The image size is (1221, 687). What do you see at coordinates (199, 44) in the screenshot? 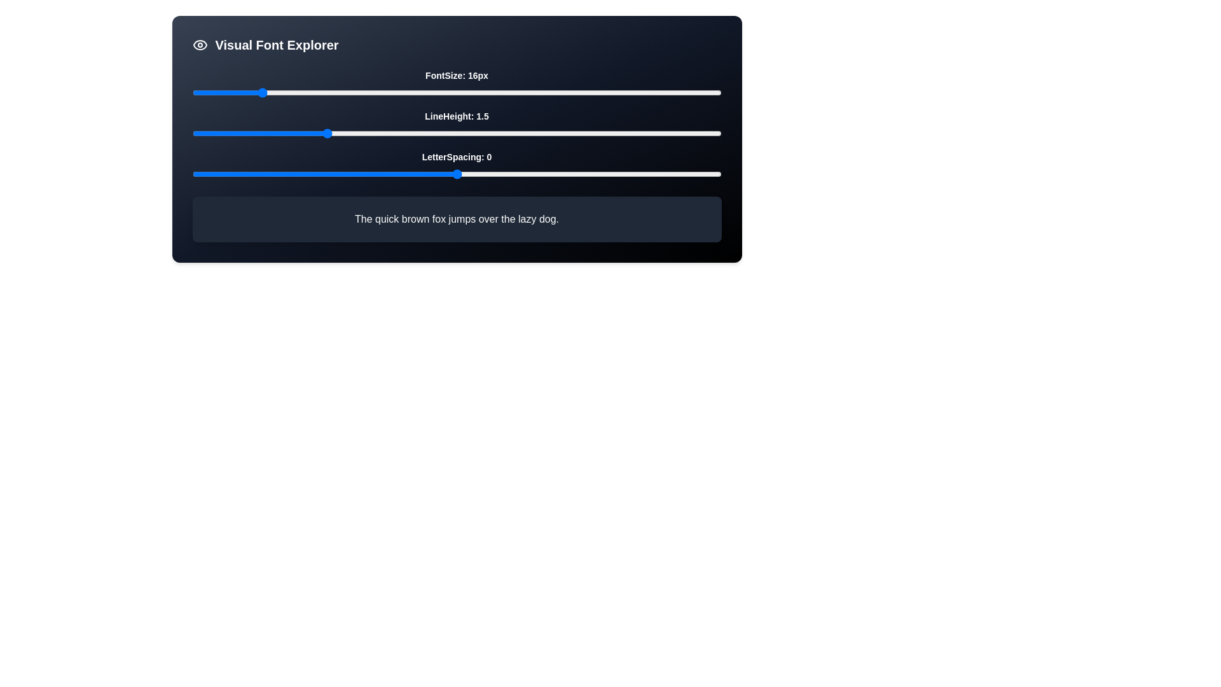
I see `the header icon (eye icon) in the Visual Font Explorer header` at bounding box center [199, 44].